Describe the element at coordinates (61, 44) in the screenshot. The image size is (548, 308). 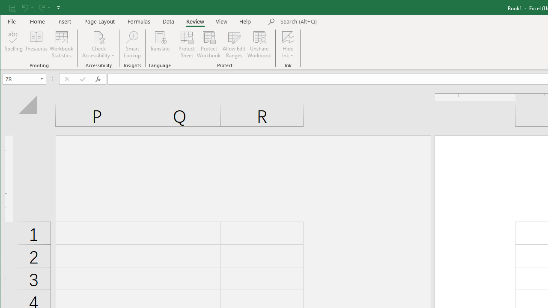
I see `'Workbook Statistics'` at that location.